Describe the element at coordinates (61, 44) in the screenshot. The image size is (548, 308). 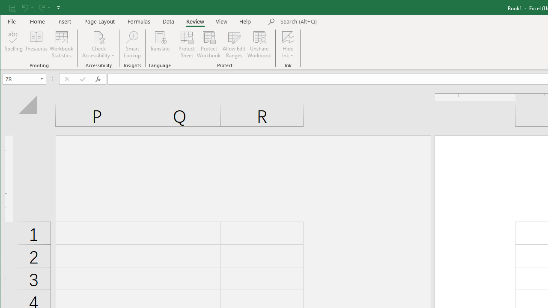
I see `'Workbook Statistics'` at that location.